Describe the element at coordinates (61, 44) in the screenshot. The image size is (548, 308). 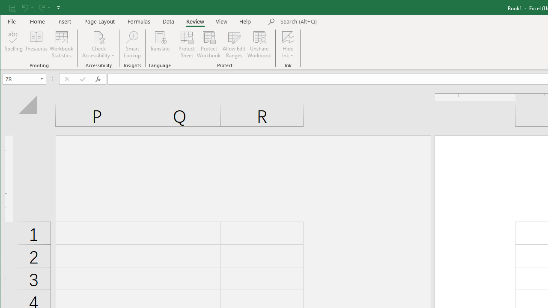
I see `'Workbook Statistics'` at that location.